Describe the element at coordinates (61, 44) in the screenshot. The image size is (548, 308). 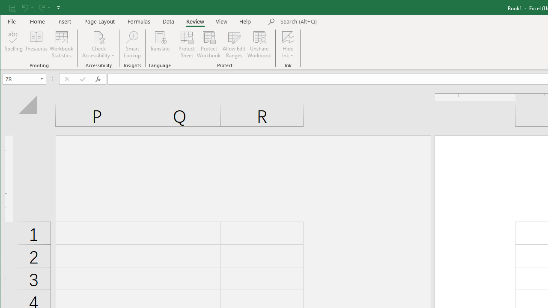
I see `'Workbook Statistics'` at that location.